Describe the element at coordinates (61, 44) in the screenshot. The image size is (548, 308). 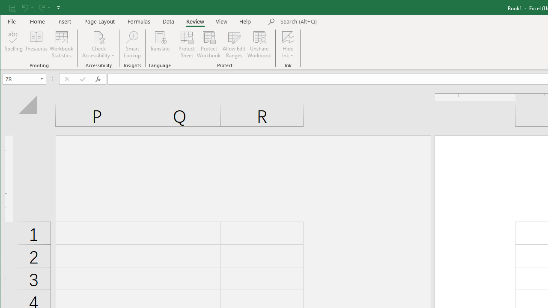
I see `'Workbook Statistics'` at that location.